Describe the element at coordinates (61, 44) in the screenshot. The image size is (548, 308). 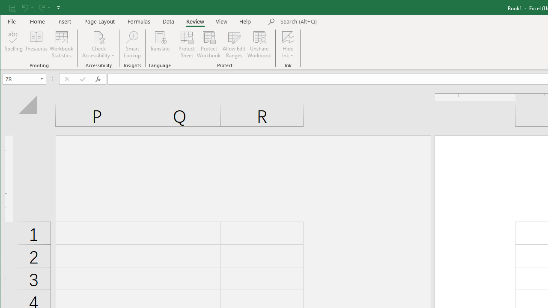
I see `'Workbook Statistics'` at that location.